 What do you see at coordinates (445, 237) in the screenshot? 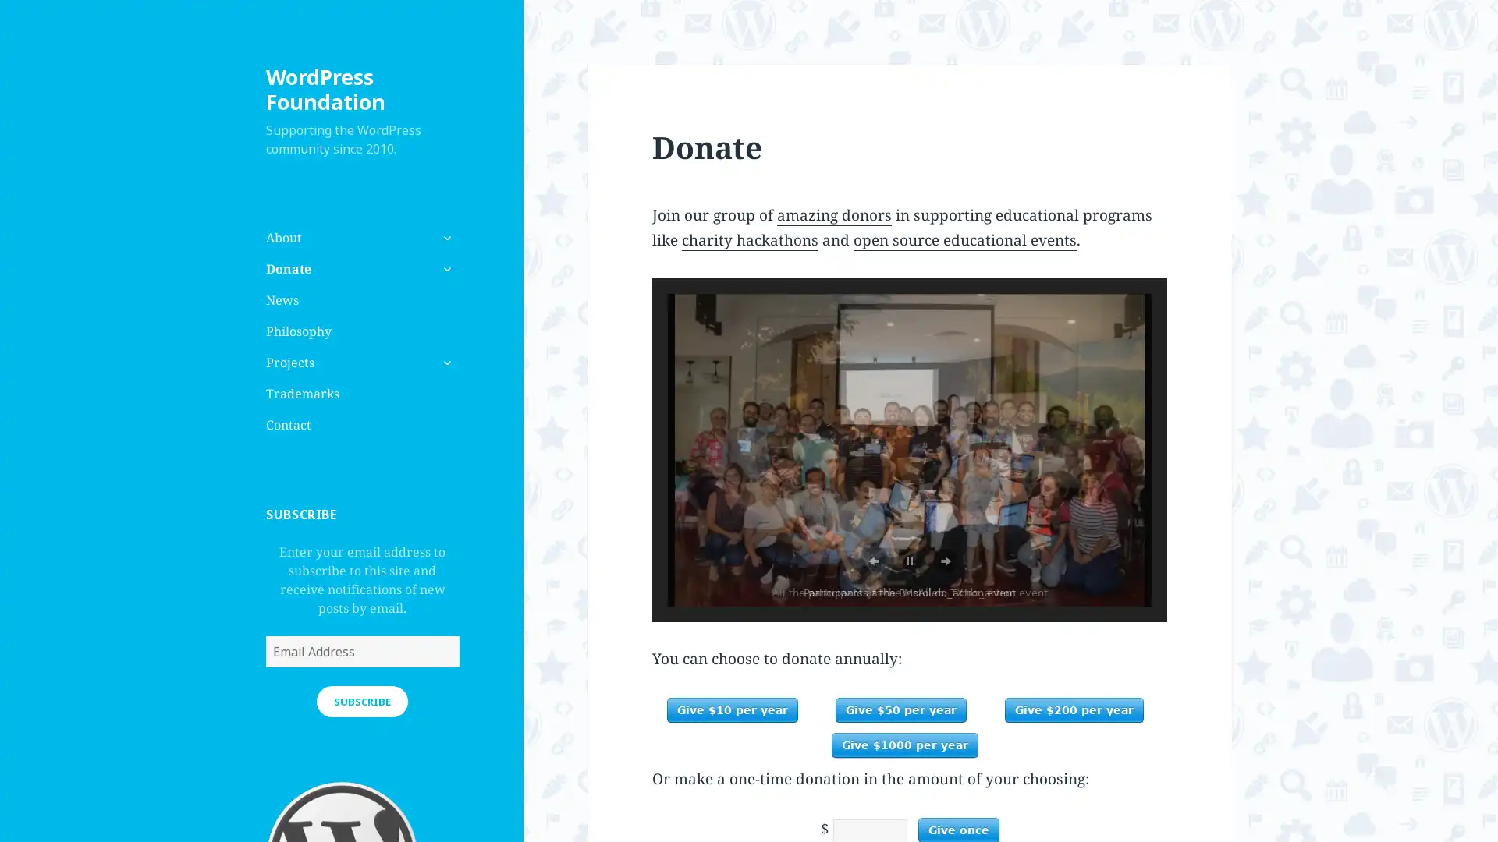
I see `expand child menu` at bounding box center [445, 237].